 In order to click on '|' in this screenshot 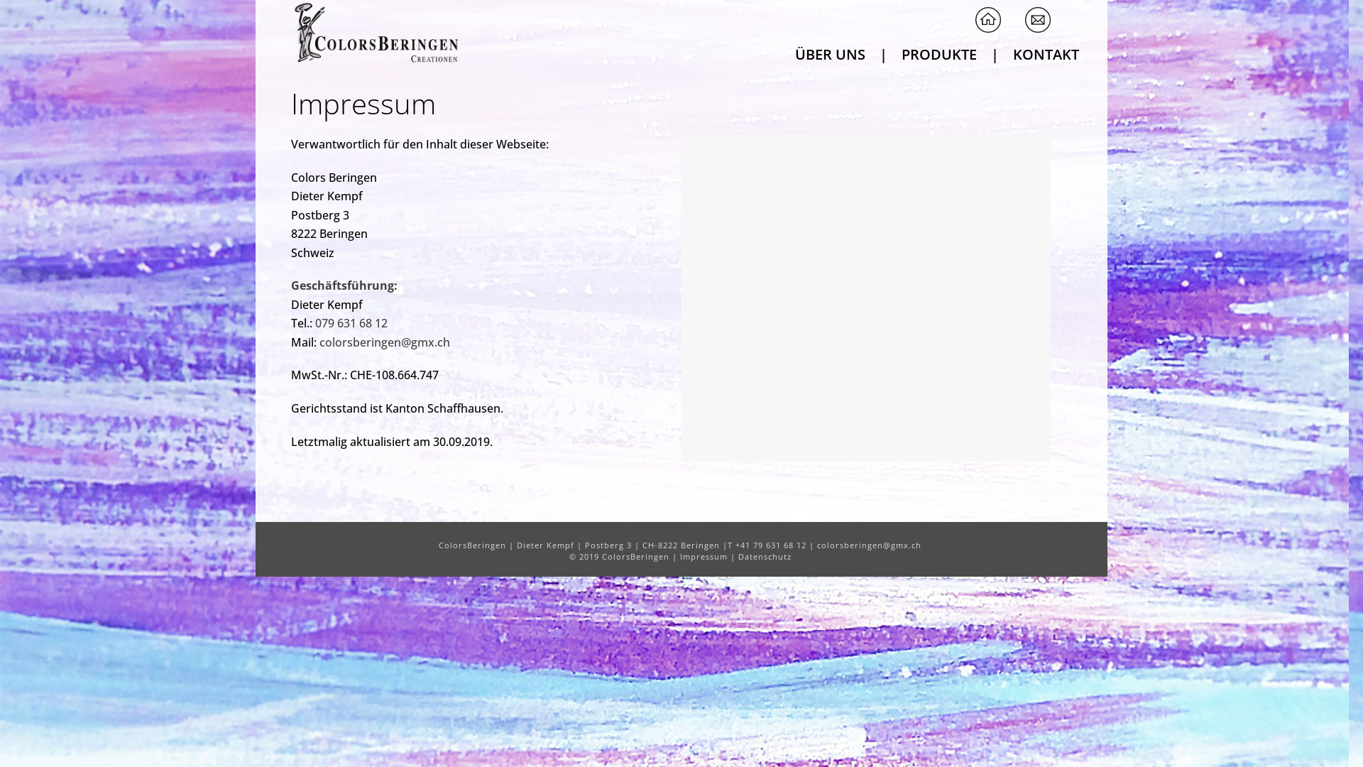, I will do `click(994, 52)`.